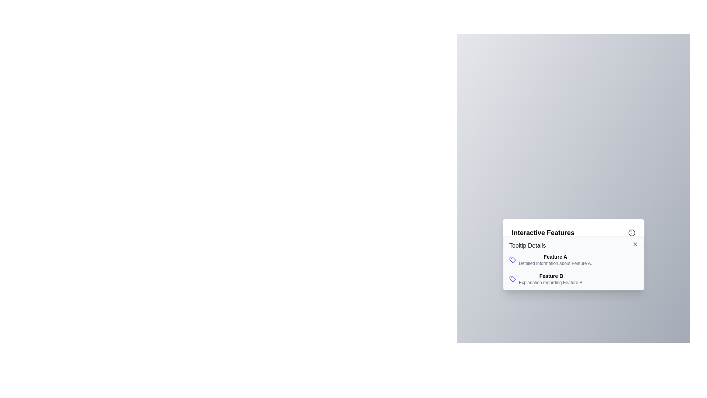 This screenshot has height=398, width=707. Describe the element at coordinates (573, 259) in the screenshot. I see `the first list item in the 'Interactive Features' panel that describes 'Feature A', which has a blue tag icon to its left` at that location.